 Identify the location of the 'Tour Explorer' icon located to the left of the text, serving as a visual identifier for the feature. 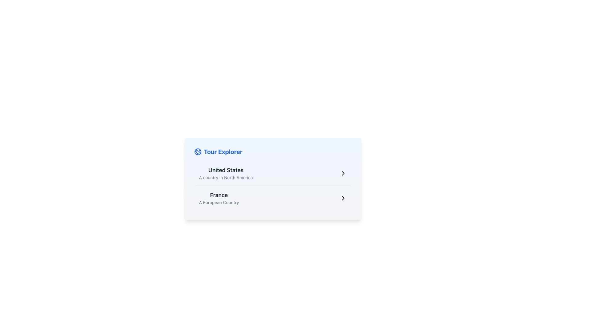
(198, 152).